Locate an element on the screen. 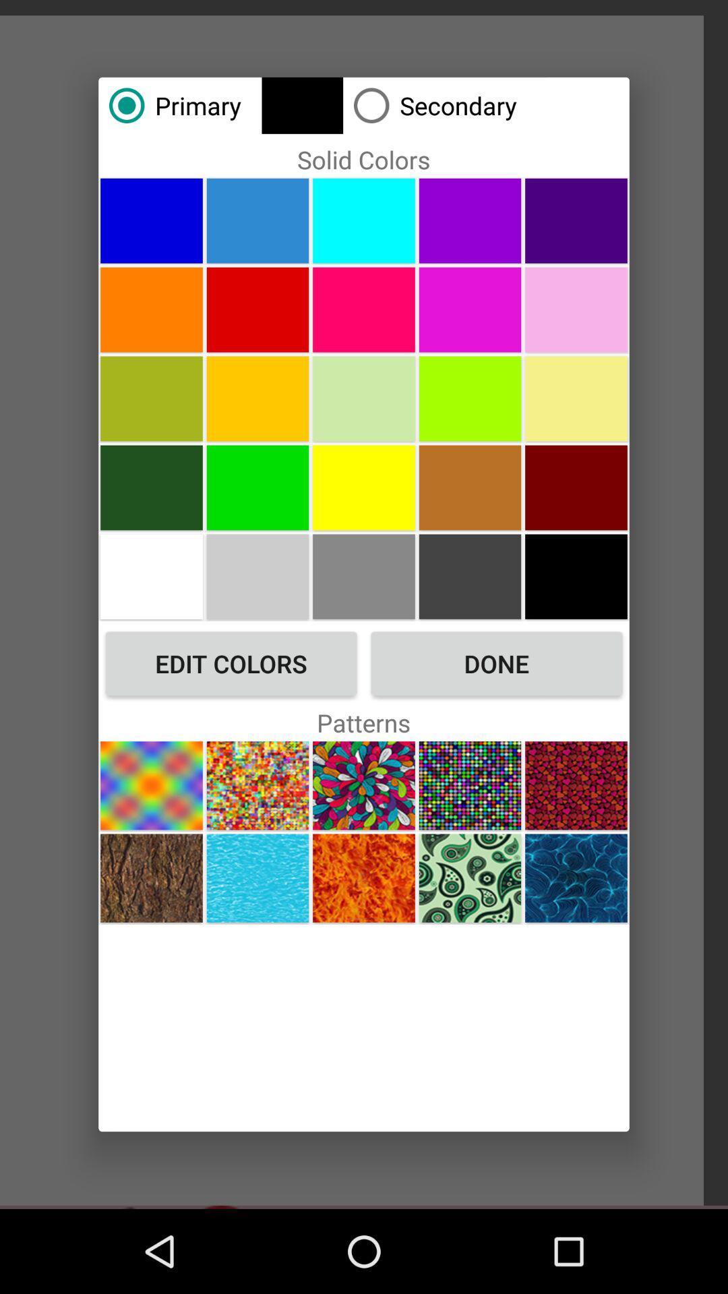  dark neon green is located at coordinates (257, 487).